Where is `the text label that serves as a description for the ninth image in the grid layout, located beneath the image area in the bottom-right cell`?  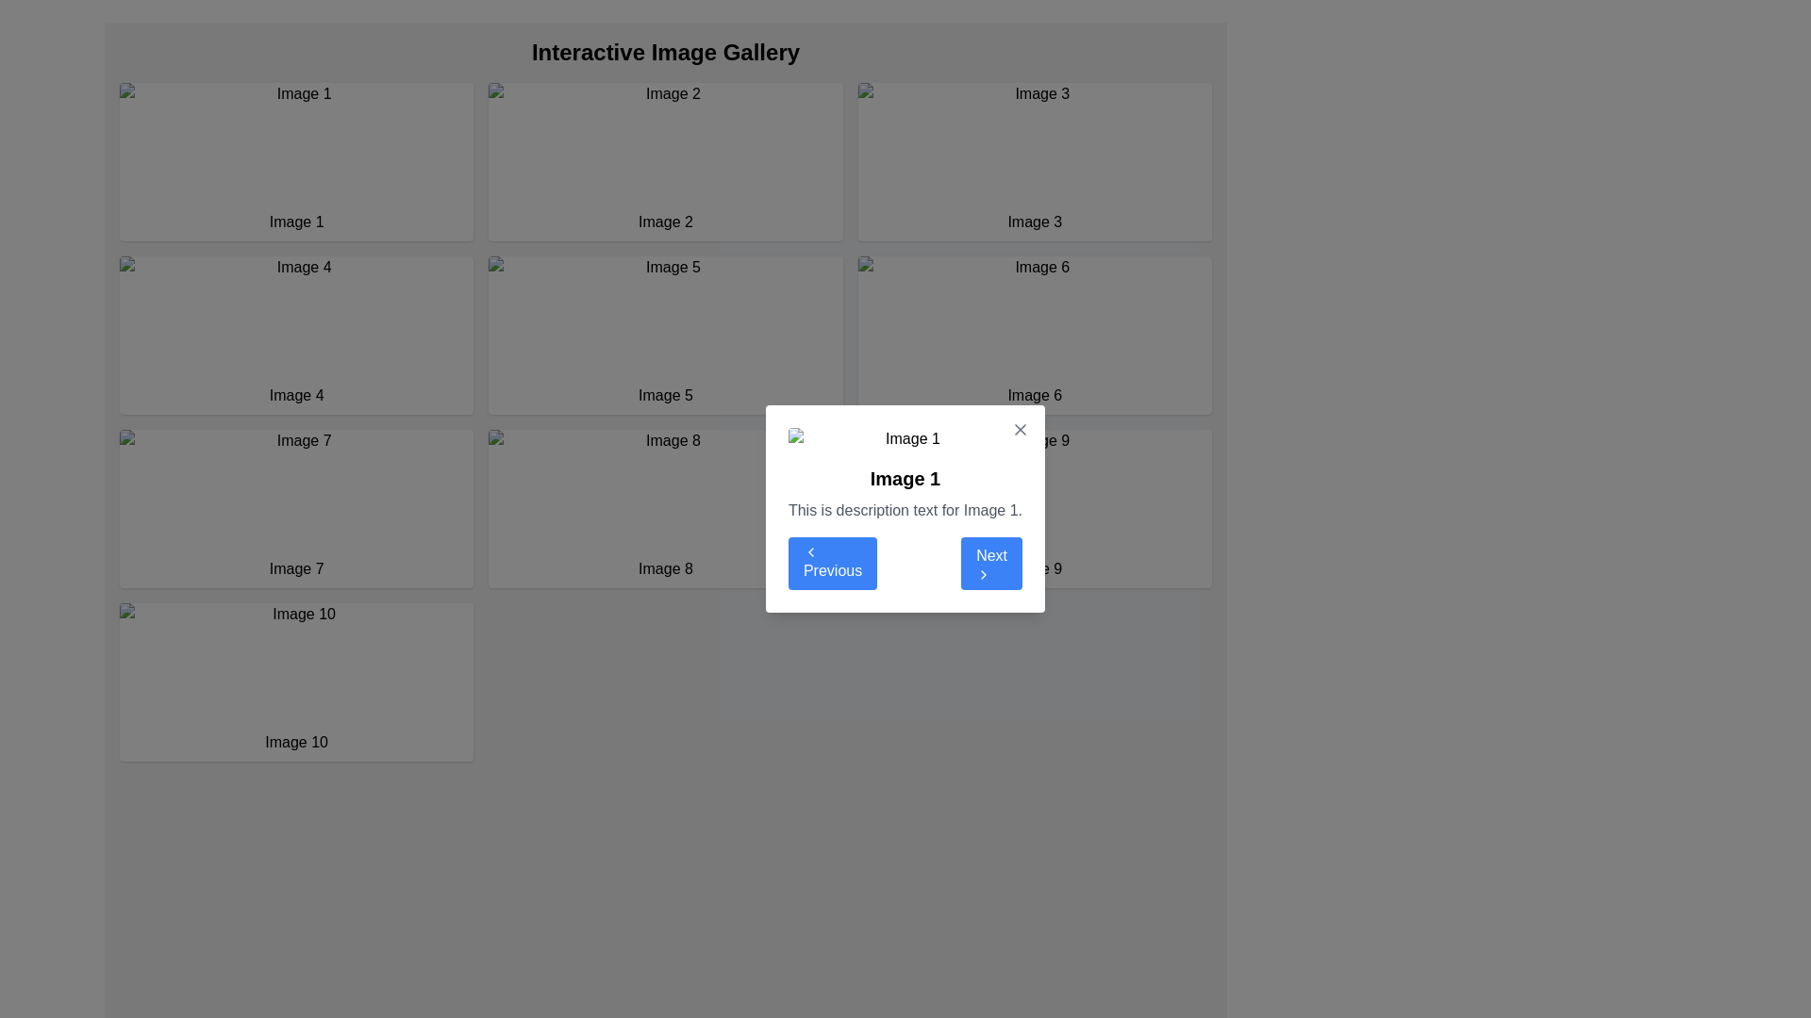
the text label that serves as a description for the ninth image in the grid layout, located beneath the image area in the bottom-right cell is located at coordinates (1034, 568).